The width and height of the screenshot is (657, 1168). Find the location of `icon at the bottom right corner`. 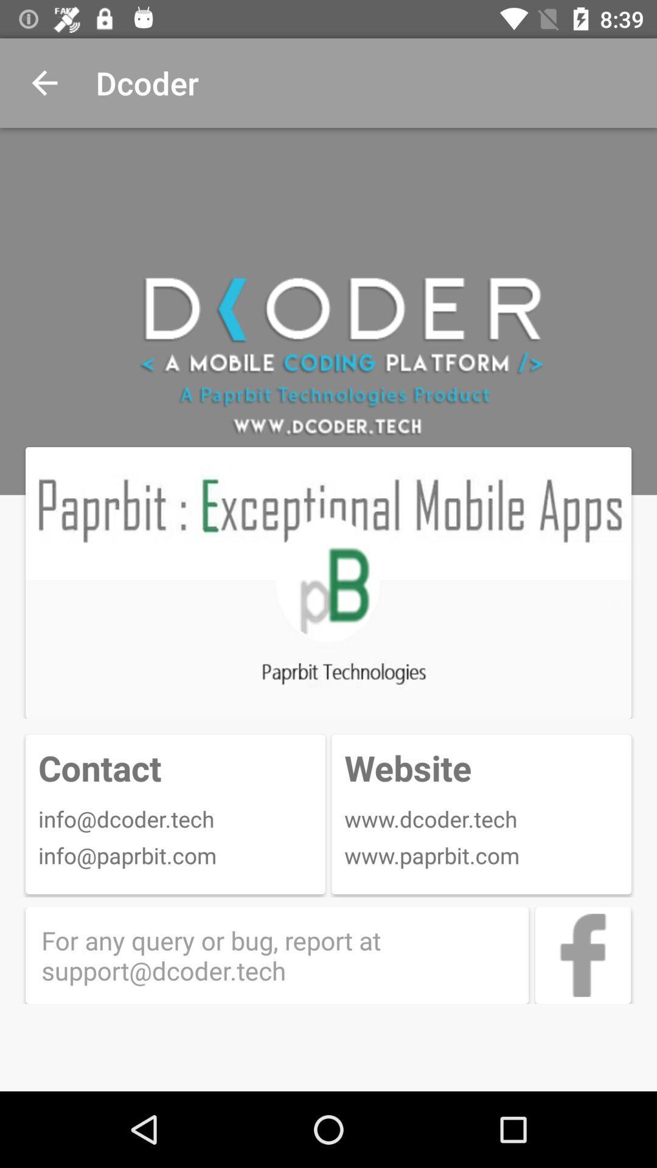

icon at the bottom right corner is located at coordinates (582, 954).